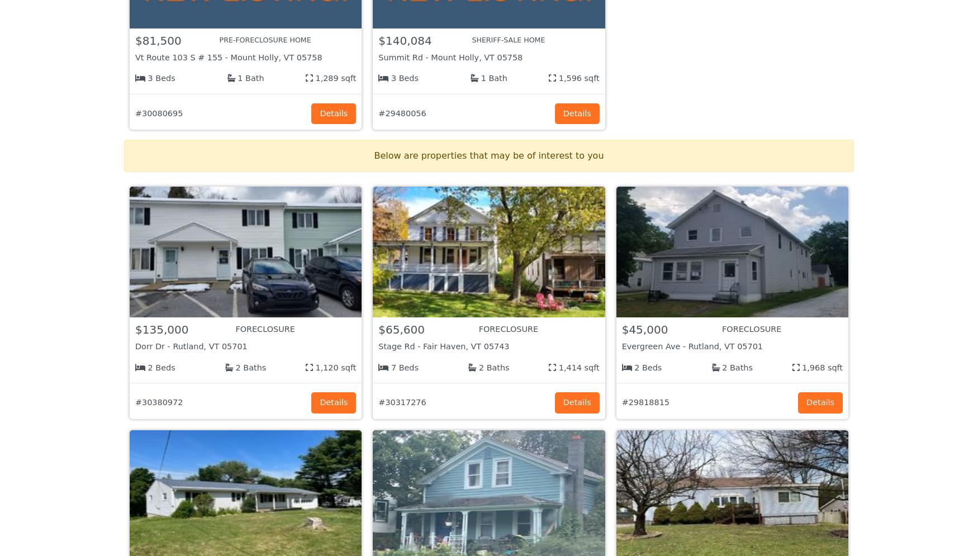 The height and width of the screenshot is (556, 978). Describe the element at coordinates (563, 464) in the screenshot. I see `'FAQ'` at that location.